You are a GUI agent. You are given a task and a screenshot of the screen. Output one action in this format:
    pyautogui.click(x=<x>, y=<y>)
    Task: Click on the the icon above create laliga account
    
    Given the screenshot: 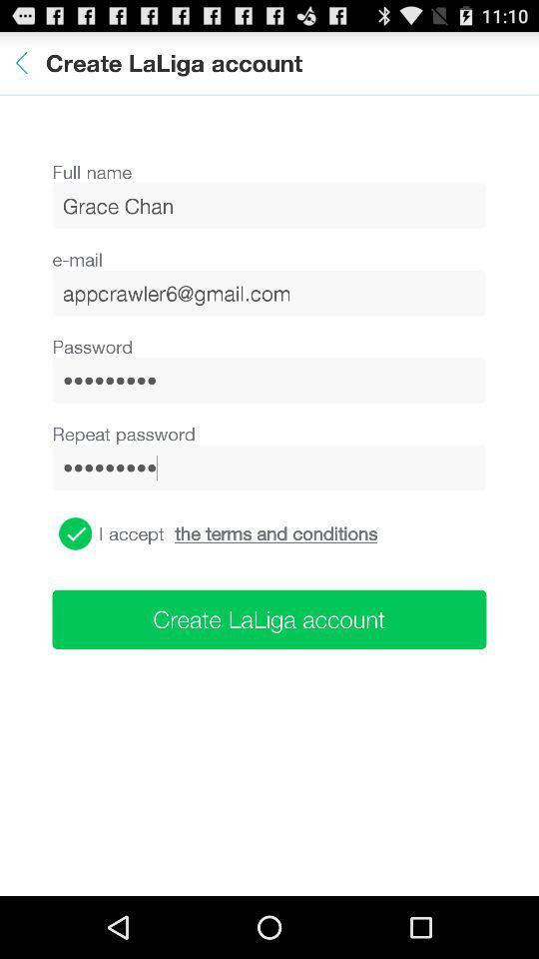 What is the action you would take?
    pyautogui.click(x=274, y=532)
    